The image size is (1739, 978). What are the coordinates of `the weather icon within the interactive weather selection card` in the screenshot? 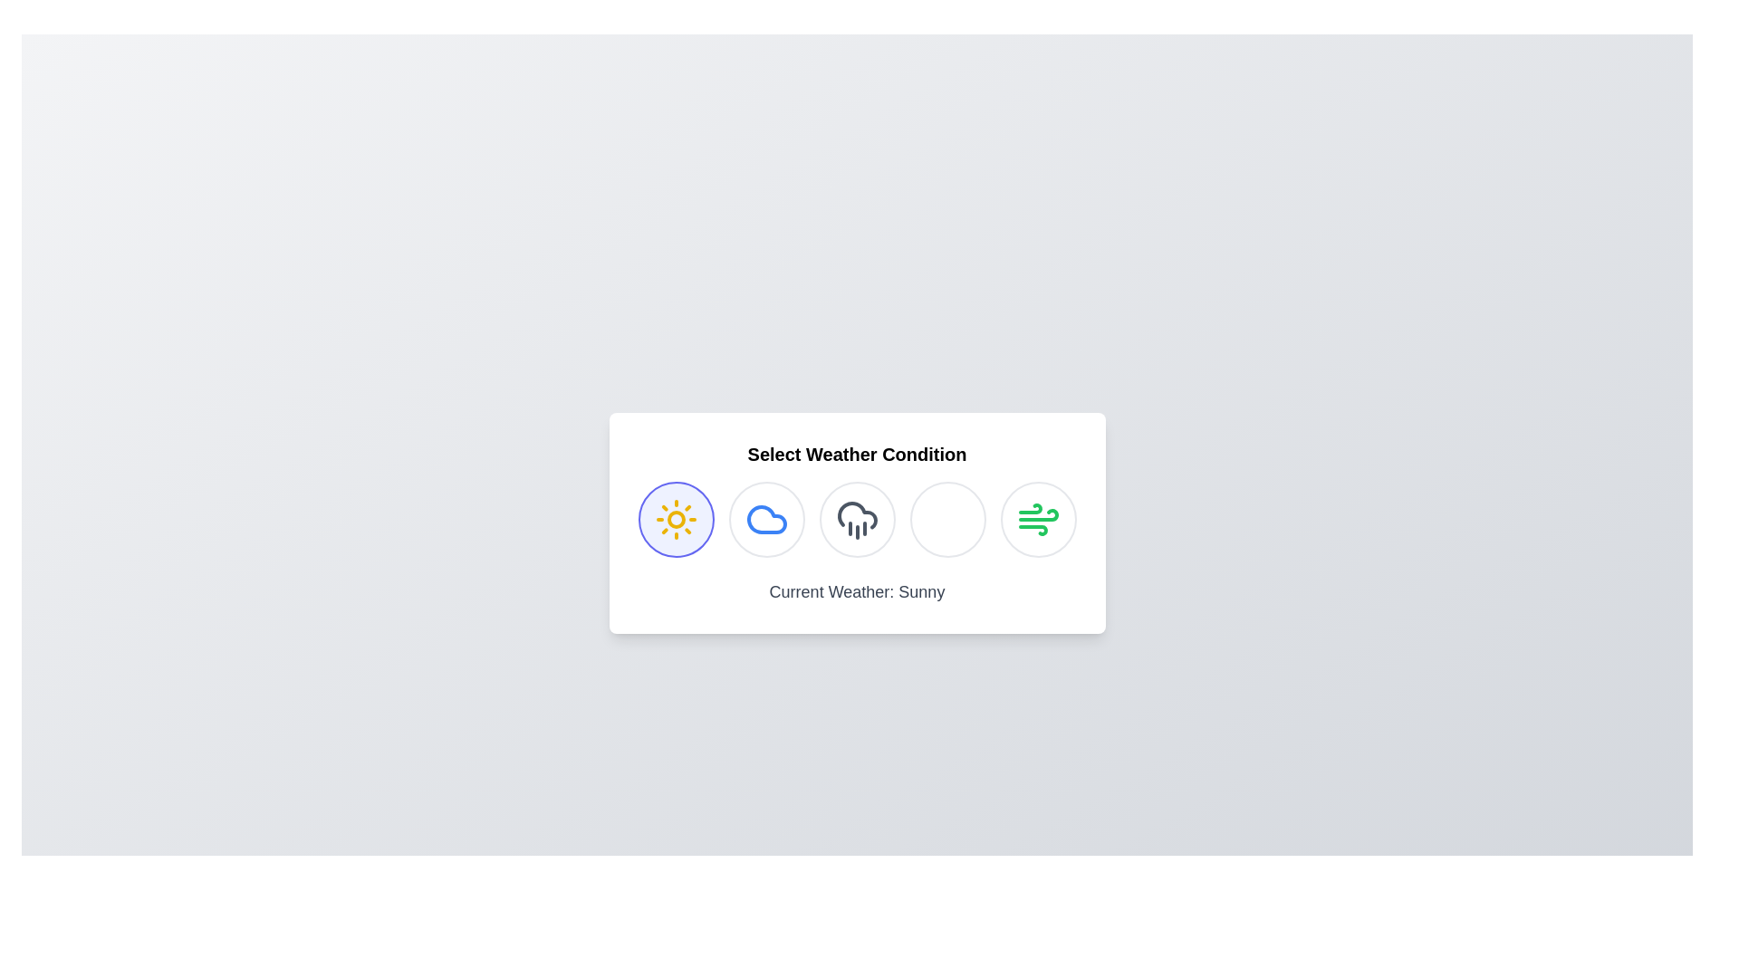 It's located at (856, 523).